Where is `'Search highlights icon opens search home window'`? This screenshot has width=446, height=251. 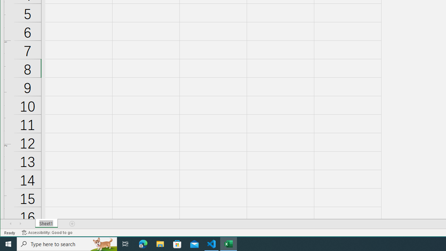
'Search highlights icon opens search home window' is located at coordinates (102, 243).